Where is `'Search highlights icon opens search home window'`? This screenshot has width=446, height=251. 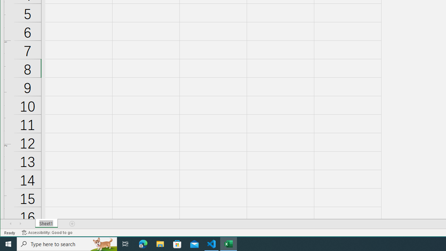
'Search highlights icon opens search home window' is located at coordinates (102, 243).